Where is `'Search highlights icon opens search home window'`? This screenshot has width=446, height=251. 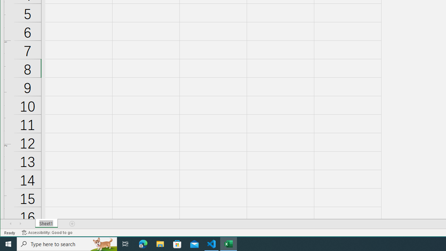
'Search highlights icon opens search home window' is located at coordinates (102, 243).